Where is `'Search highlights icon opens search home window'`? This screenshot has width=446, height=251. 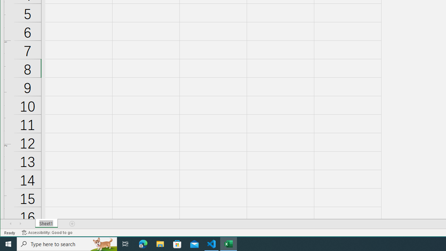
'Search highlights icon opens search home window' is located at coordinates (102, 243).